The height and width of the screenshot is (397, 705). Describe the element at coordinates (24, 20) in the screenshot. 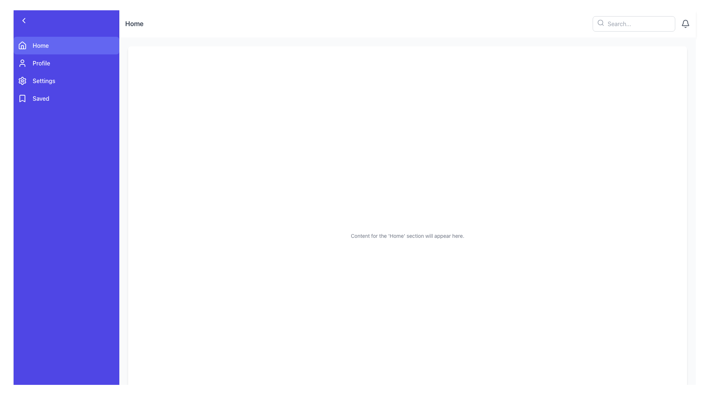

I see `the back or collapse icon located at the top-left corner of the visible purple navigation sidebar` at that location.